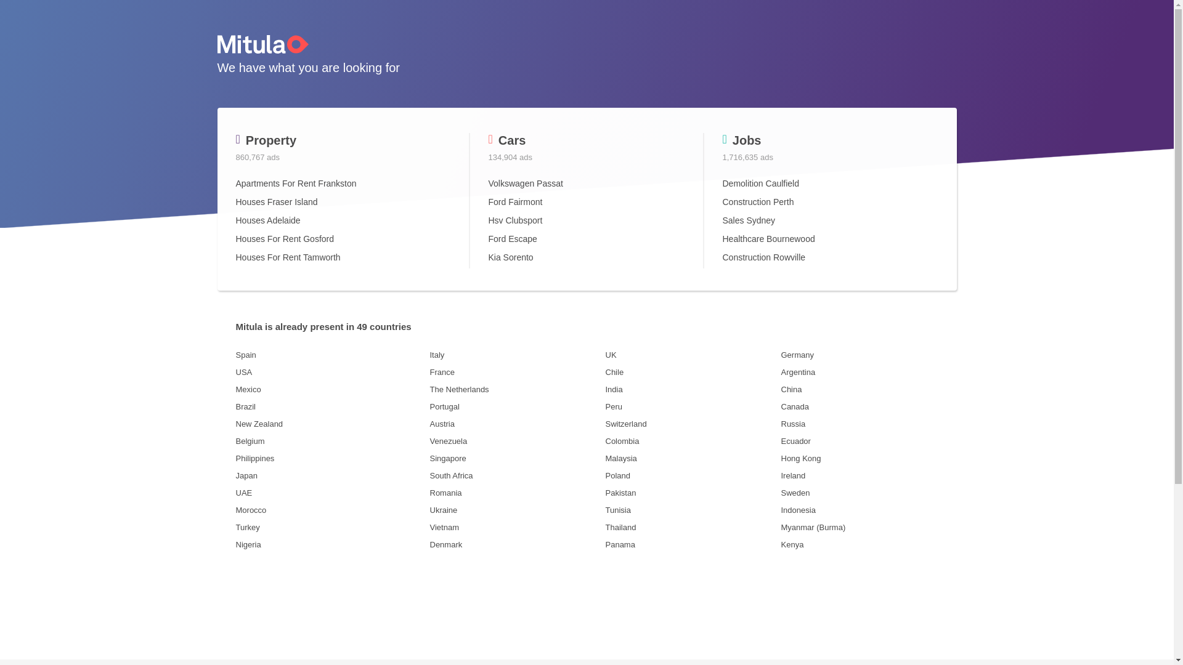 Image resolution: width=1183 pixels, height=665 pixels. Describe the element at coordinates (768, 239) in the screenshot. I see `'Healthcare Bournewood'` at that location.